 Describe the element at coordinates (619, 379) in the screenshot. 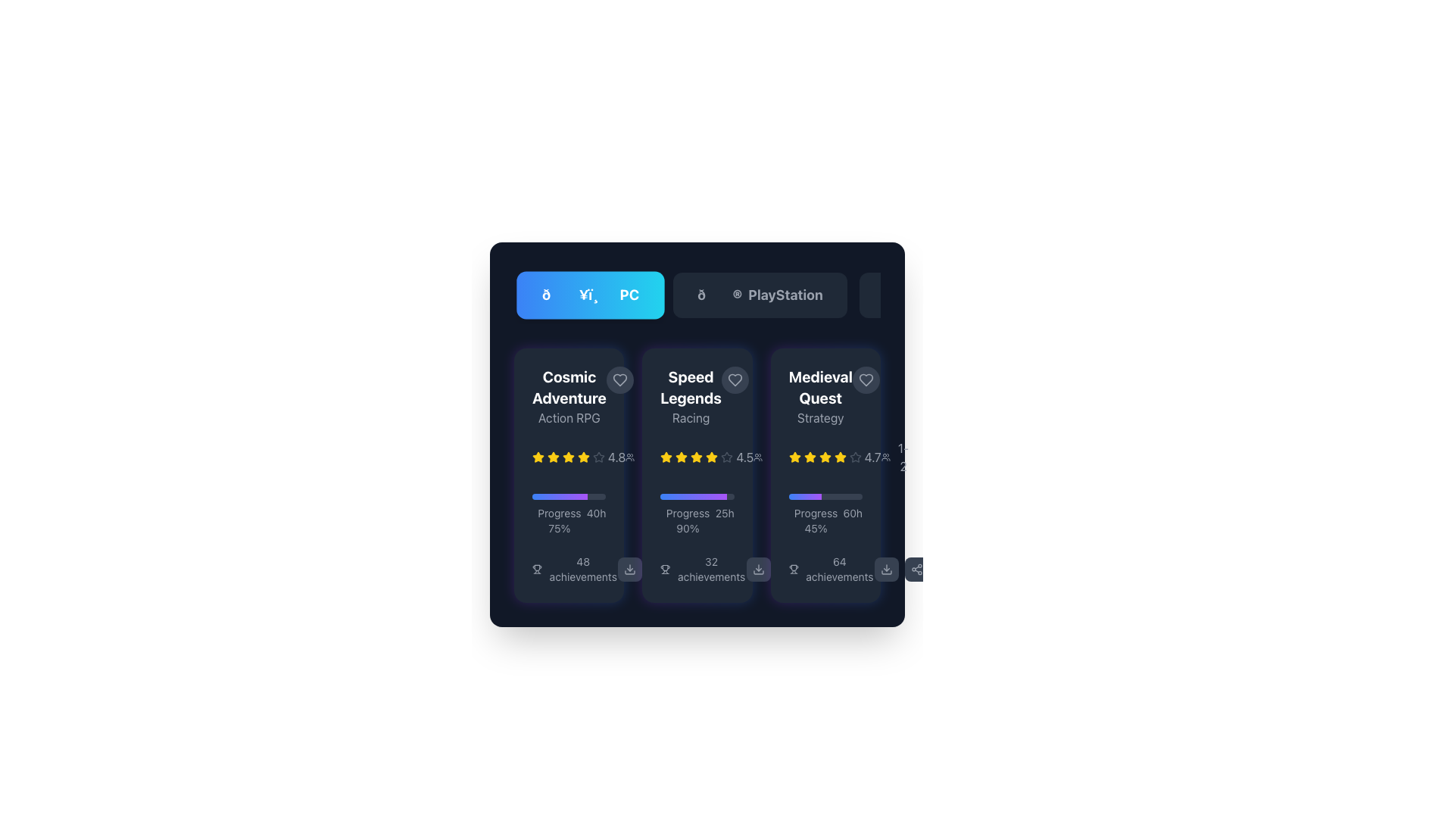

I see `the small circular button with a dark gray background and a white heart icon to favorite the game` at that location.